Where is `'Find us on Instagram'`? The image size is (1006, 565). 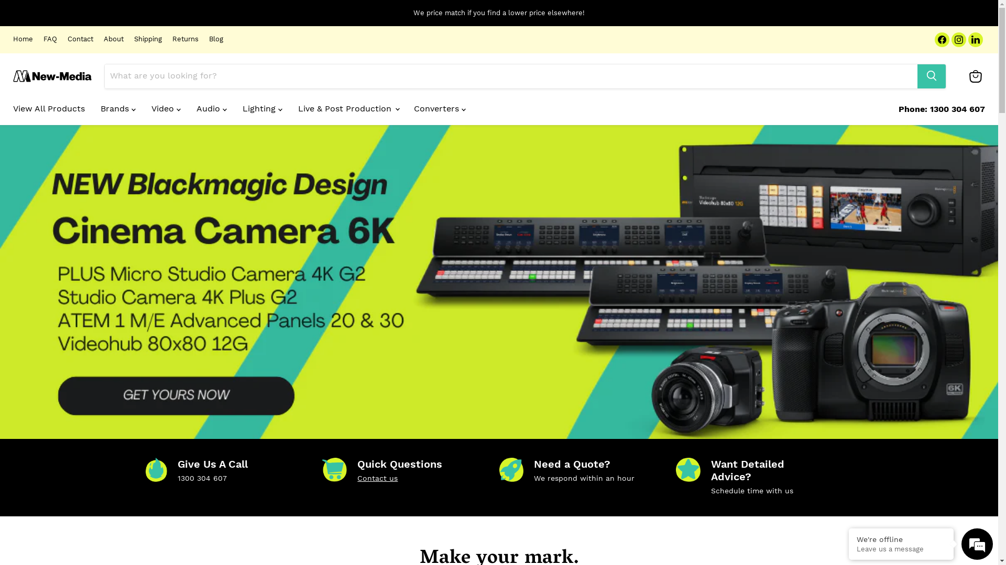 'Find us on Instagram' is located at coordinates (958, 39).